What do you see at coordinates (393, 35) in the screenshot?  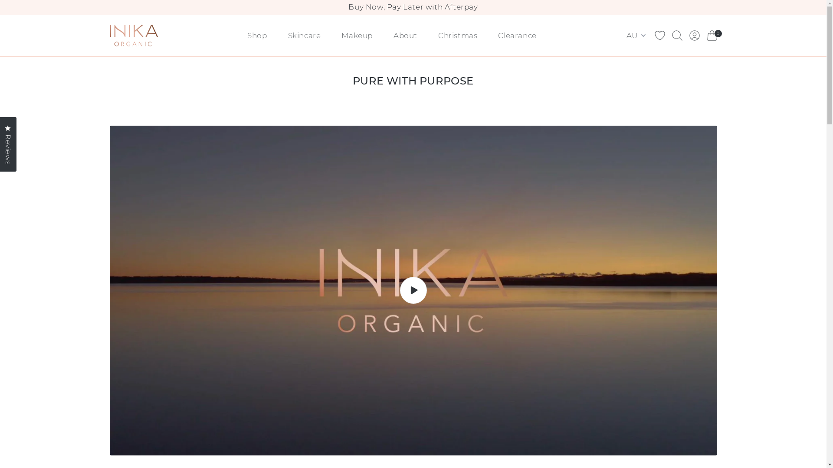 I see `'About'` at bounding box center [393, 35].